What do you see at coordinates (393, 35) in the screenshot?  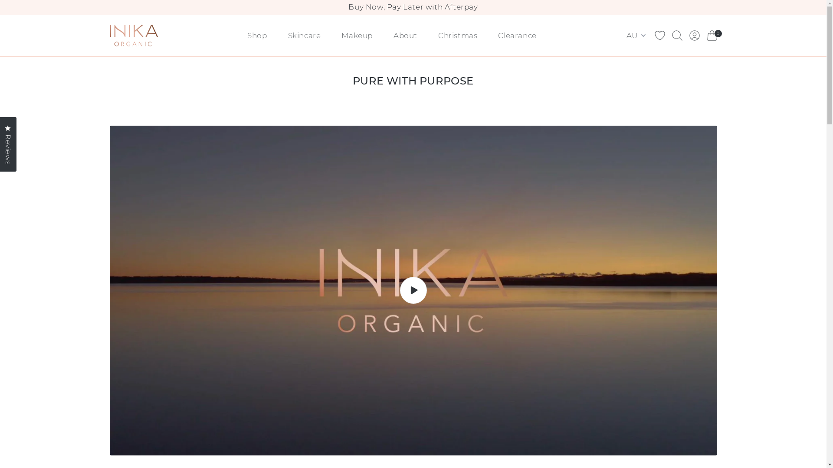 I see `'About'` at bounding box center [393, 35].